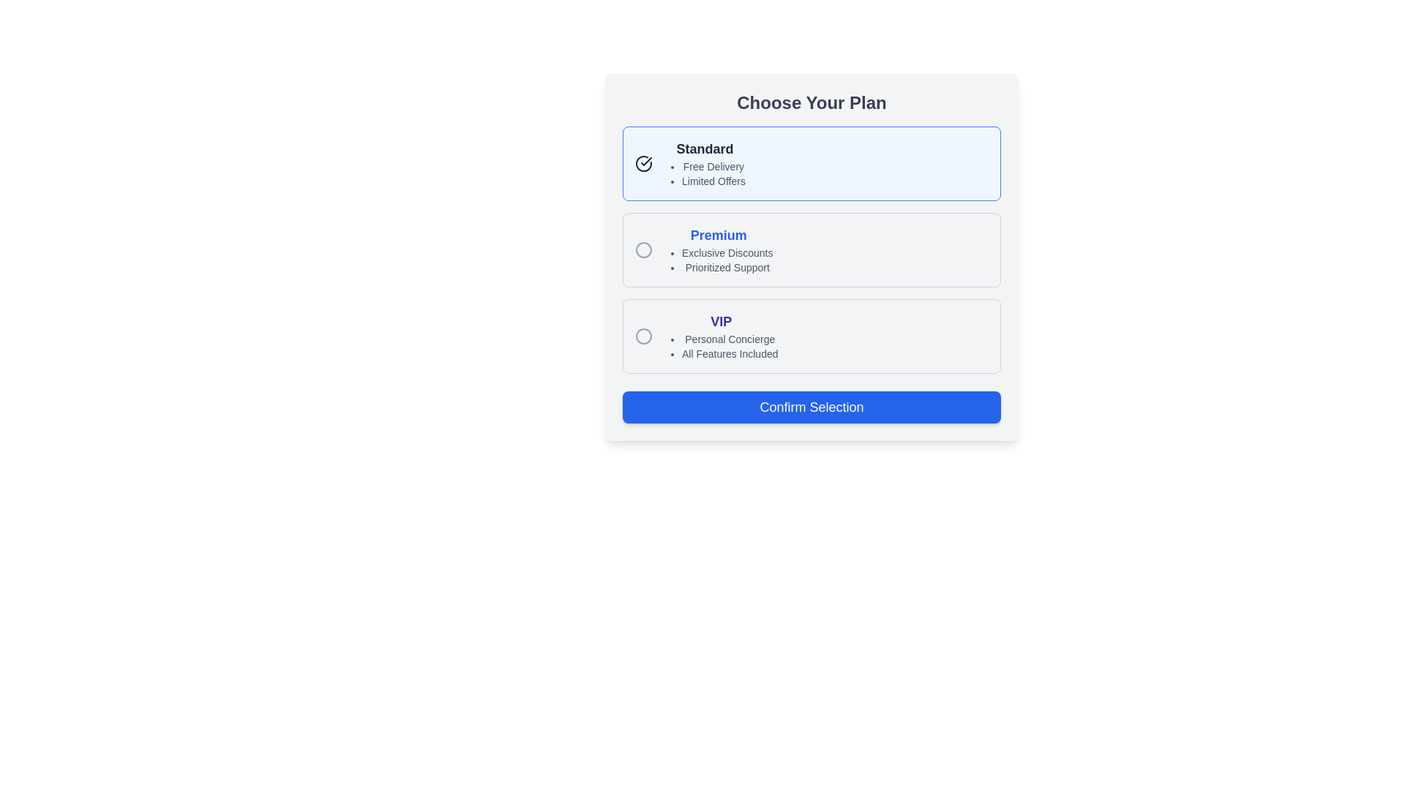 The image size is (1405, 790). Describe the element at coordinates (643, 336) in the screenshot. I see `the radio button located at the top-left corner of the 'VIP' option card` at that location.